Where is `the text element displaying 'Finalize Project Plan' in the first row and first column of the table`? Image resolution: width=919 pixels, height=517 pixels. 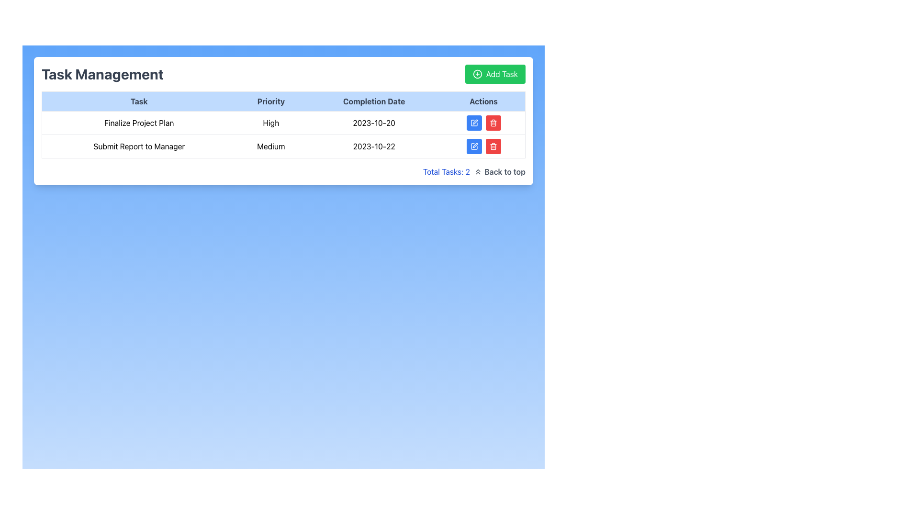 the text element displaying 'Finalize Project Plan' in the first row and first column of the table is located at coordinates (138, 123).